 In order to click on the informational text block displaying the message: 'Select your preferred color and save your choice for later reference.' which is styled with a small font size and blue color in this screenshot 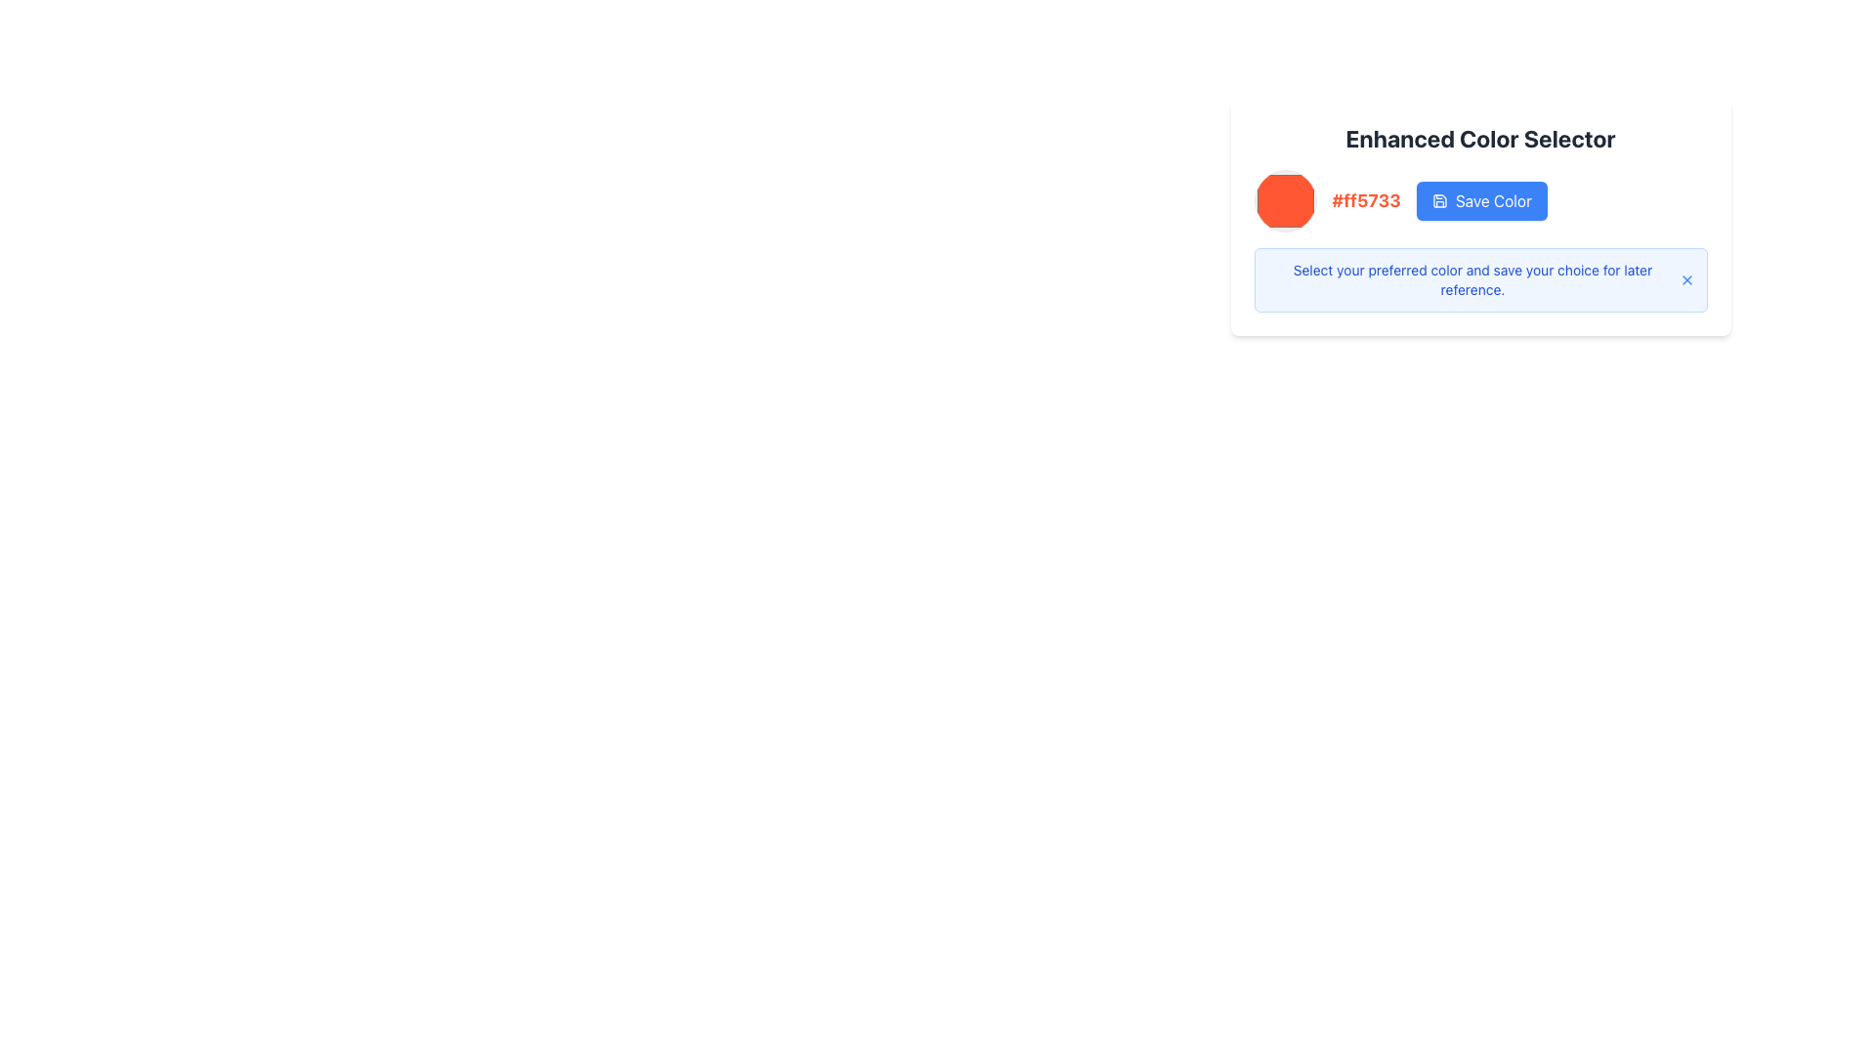, I will do `click(1472, 279)`.